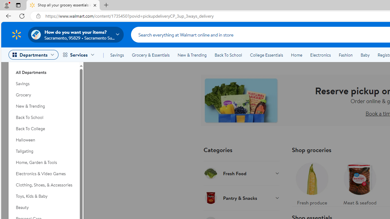  Describe the element at coordinates (43, 128) in the screenshot. I see `'Back To College'` at that location.